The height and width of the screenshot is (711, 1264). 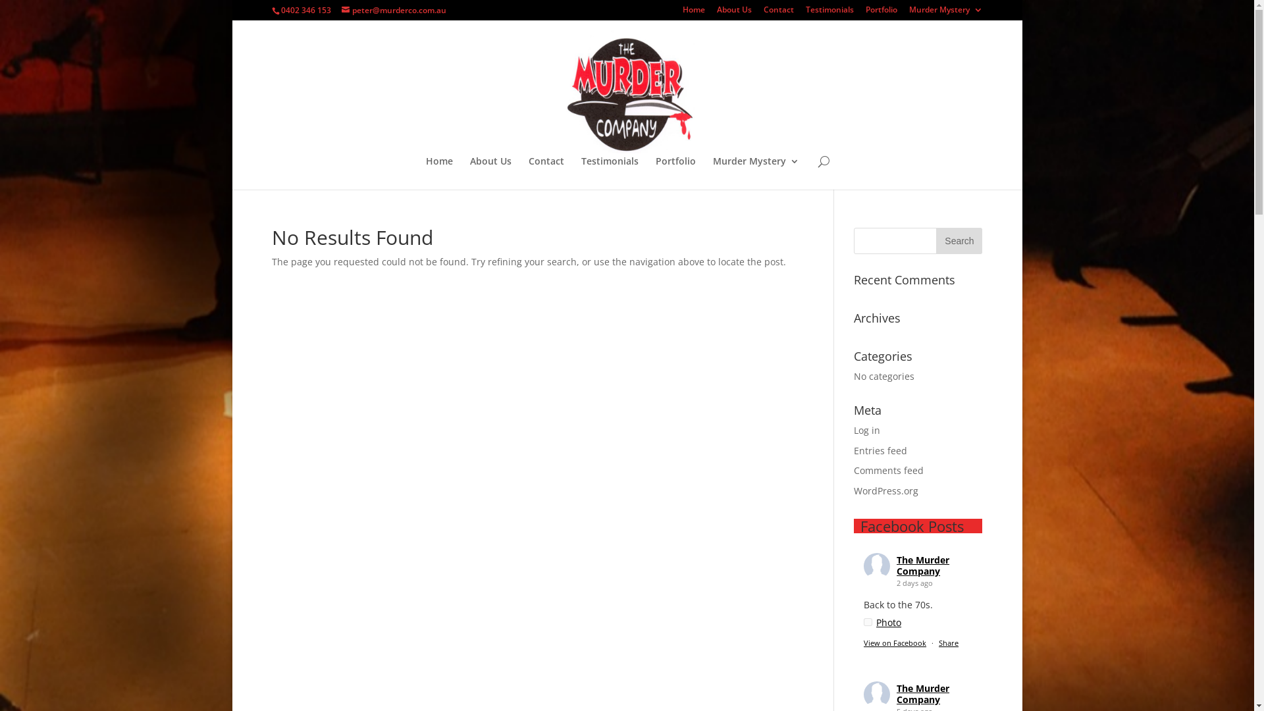 I want to click on 'Portfolio', so click(x=881, y=13).